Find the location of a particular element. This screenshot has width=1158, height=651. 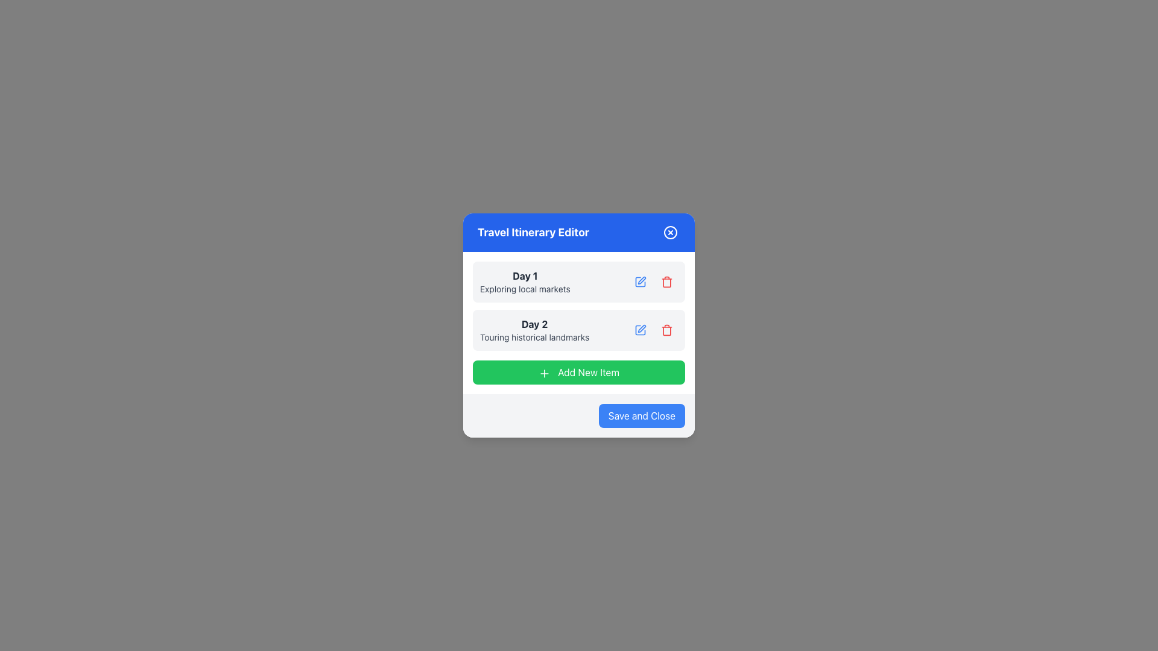

the 'Delete' button for 'Day 1' is located at coordinates (666, 281).